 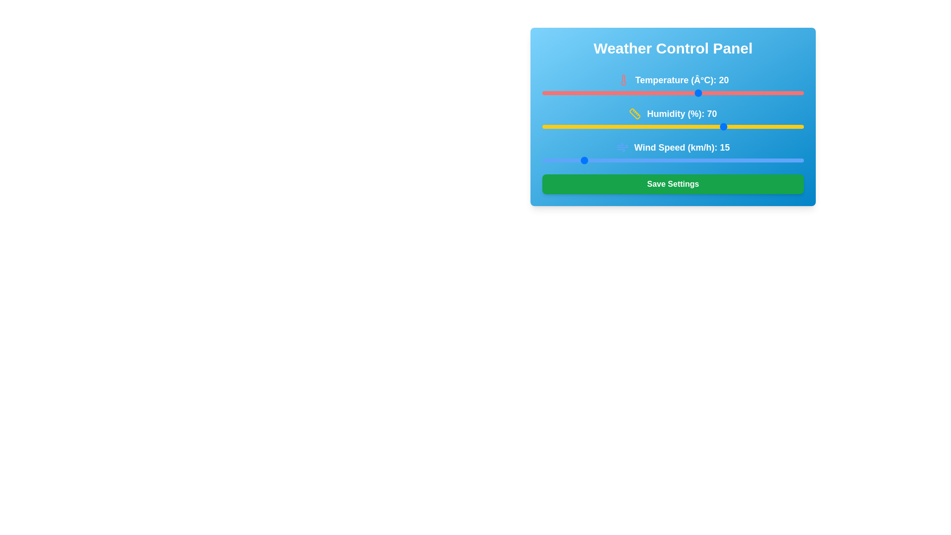 What do you see at coordinates (673, 117) in the screenshot?
I see `the visual indicator of the humidity level represented by the progress bar and text 'Humidity (%): 70' in the weather control panel interface` at bounding box center [673, 117].